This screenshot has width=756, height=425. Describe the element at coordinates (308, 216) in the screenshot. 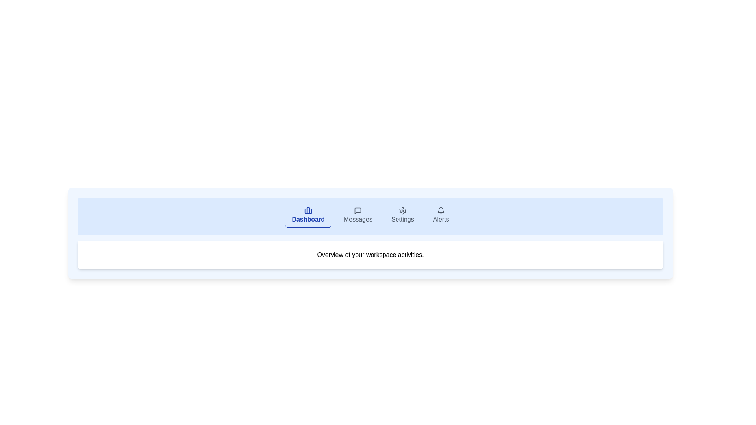

I see `the Dashboard tab to switch to its view` at that location.